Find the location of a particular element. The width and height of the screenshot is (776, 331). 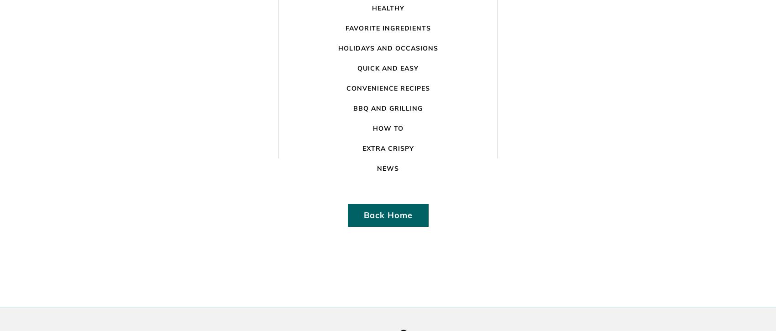

'Back Home' is located at coordinates (387, 214).